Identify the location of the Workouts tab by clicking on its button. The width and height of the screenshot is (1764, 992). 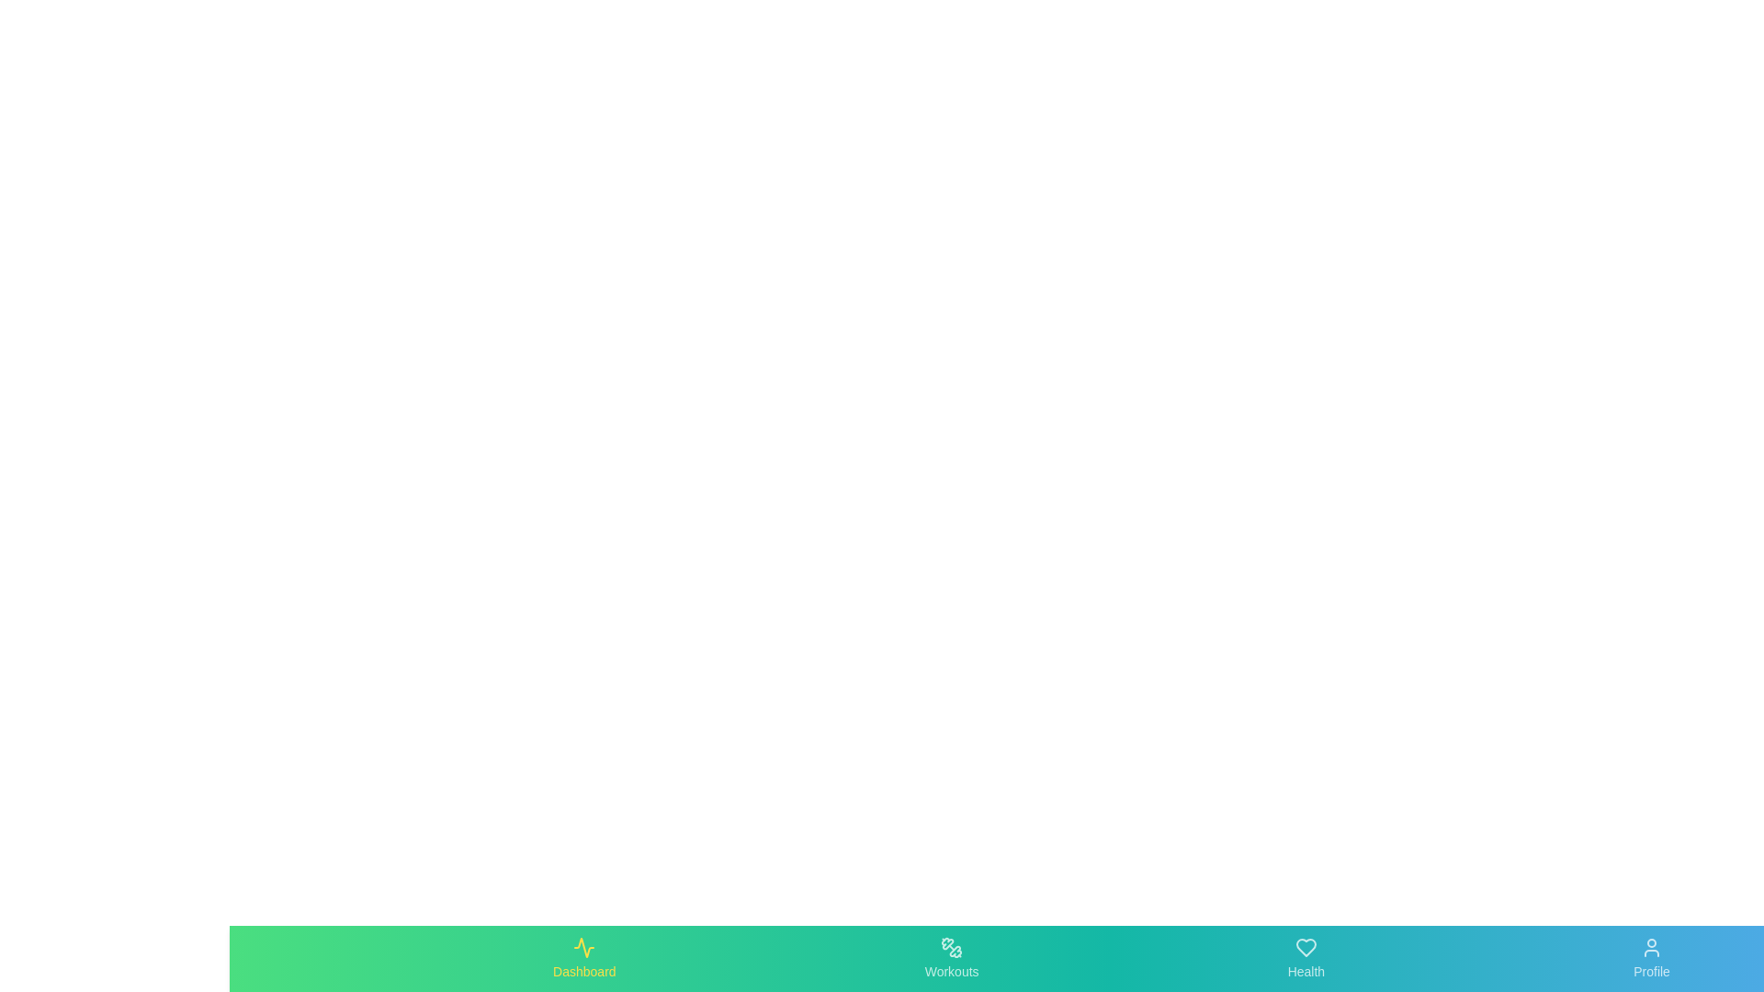
(952, 958).